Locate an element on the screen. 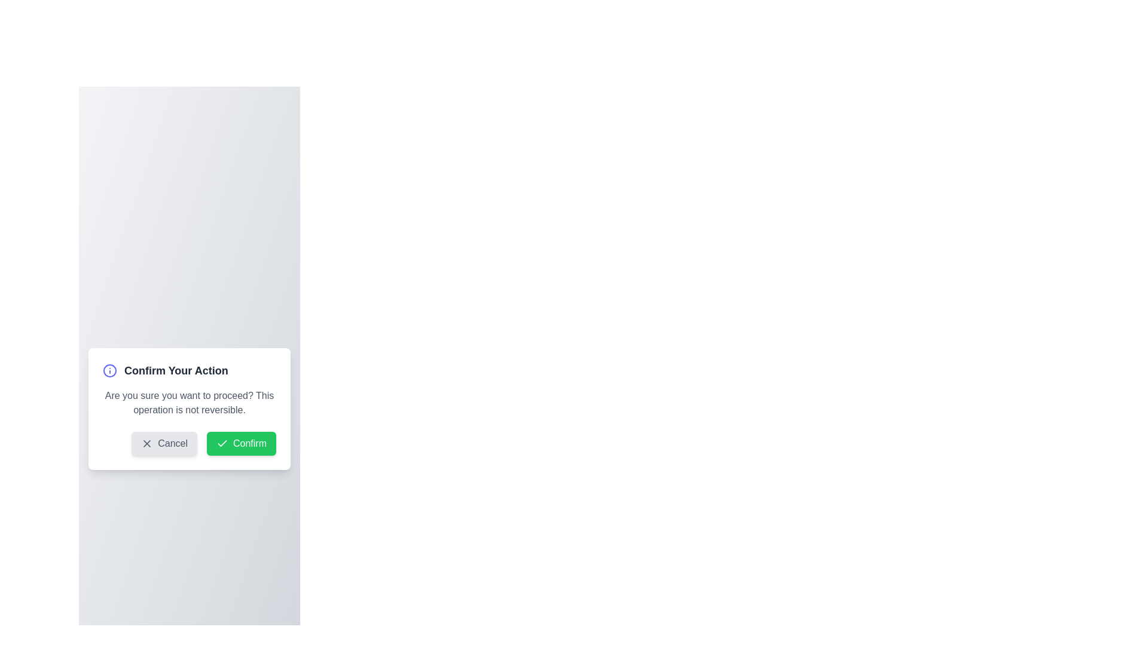 This screenshot has height=645, width=1148. the green checkmark icon located to the left of the 'Confirm' text on the green confirmation button at the bottom-right corner of the dialog box is located at coordinates (222, 443).